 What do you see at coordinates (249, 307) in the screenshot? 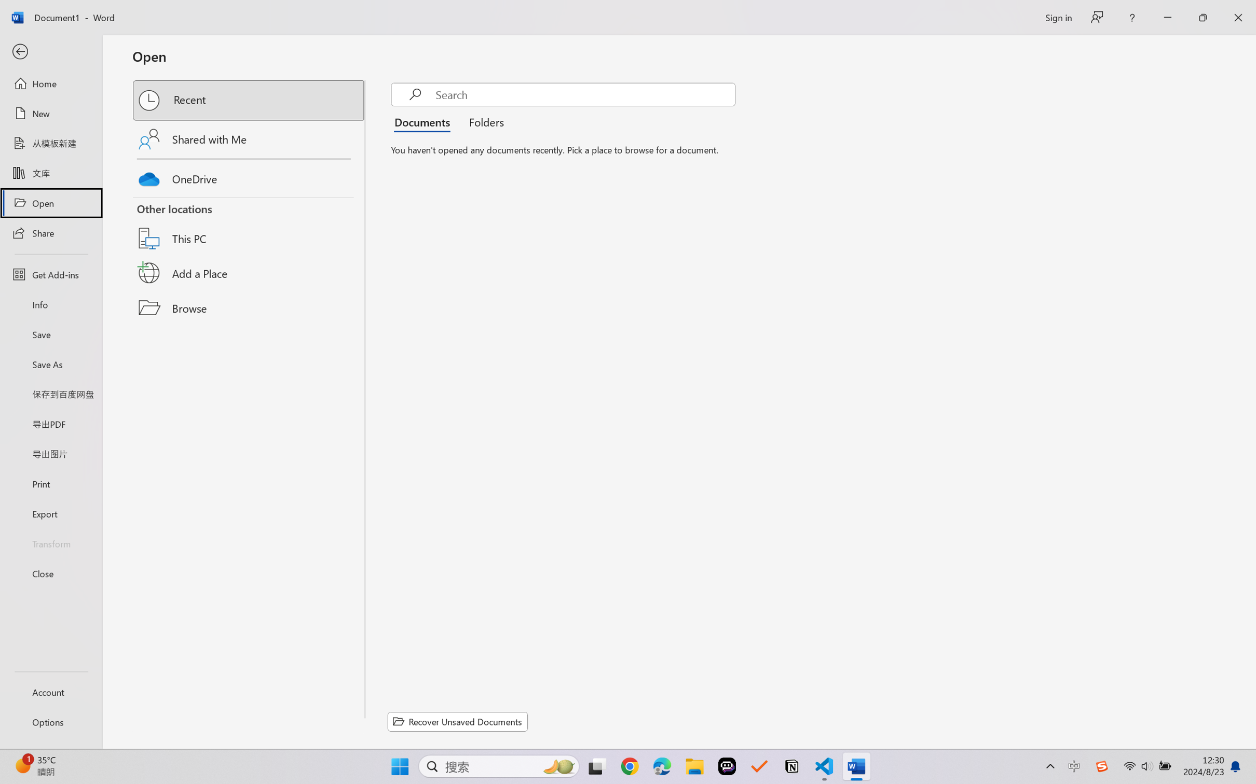
I see `'Browse'` at bounding box center [249, 307].